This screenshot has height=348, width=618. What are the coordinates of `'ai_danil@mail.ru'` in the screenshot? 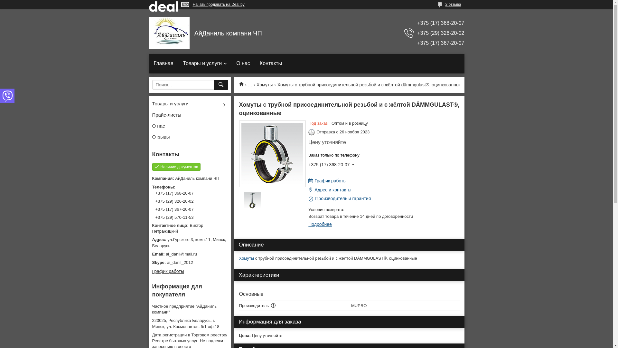 It's located at (189, 254).